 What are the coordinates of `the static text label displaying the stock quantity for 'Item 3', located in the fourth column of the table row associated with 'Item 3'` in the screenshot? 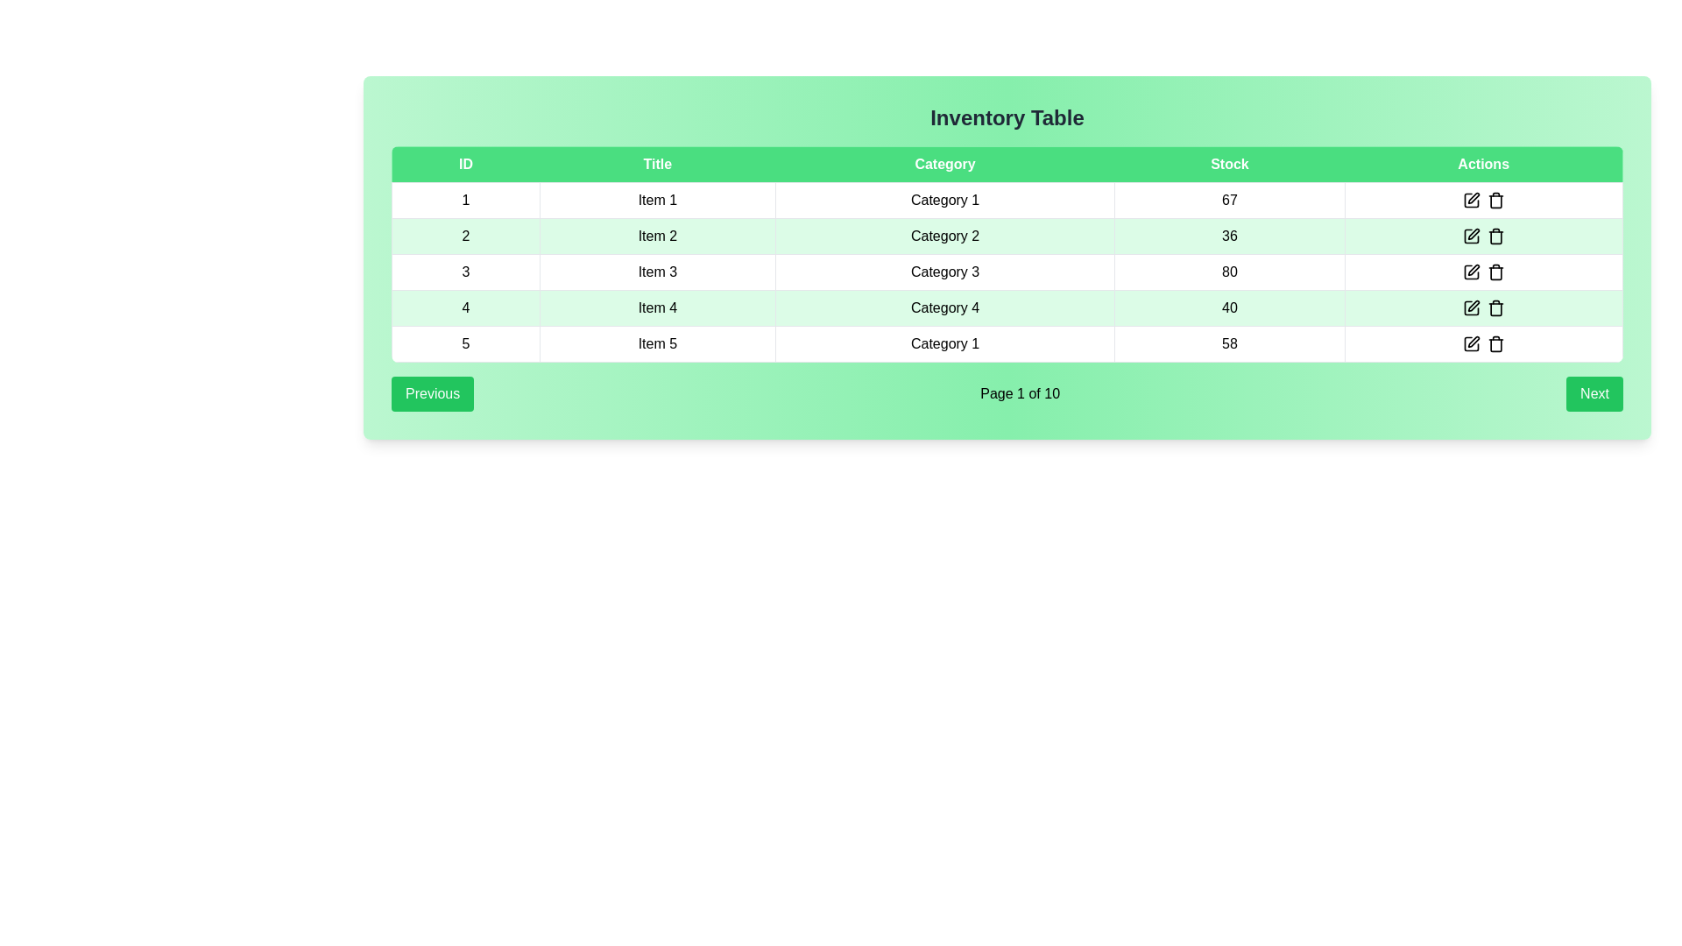 It's located at (1228, 272).